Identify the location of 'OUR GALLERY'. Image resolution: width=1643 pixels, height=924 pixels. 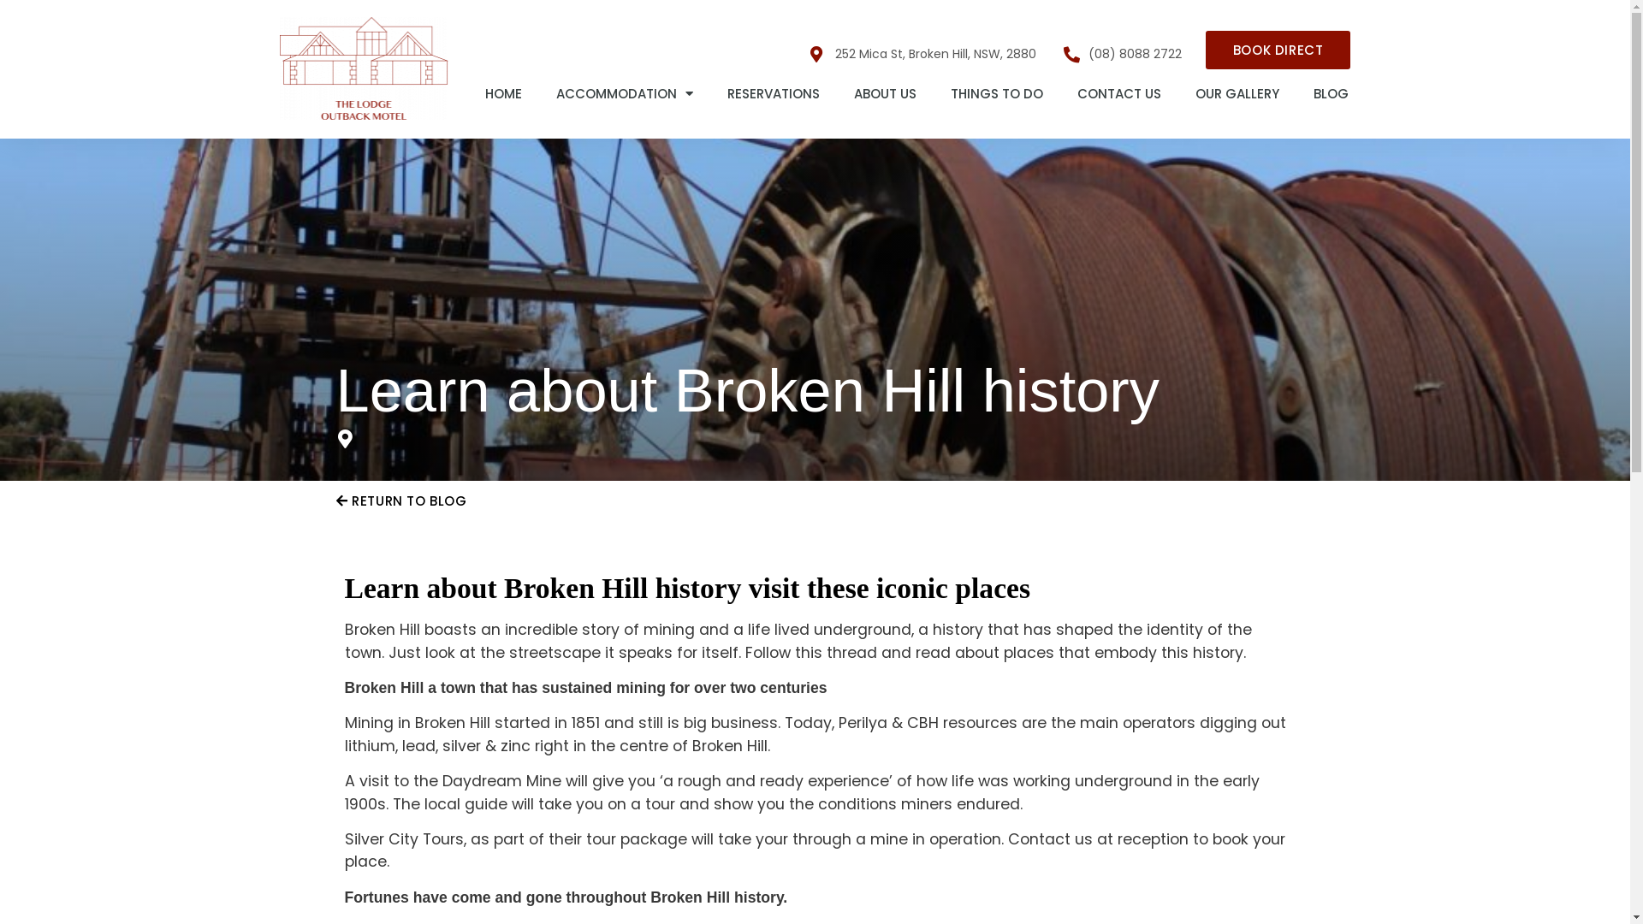
(1237, 94).